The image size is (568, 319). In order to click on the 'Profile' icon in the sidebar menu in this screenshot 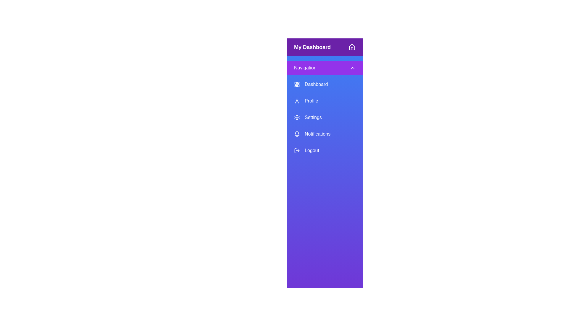, I will do `click(297, 101)`.